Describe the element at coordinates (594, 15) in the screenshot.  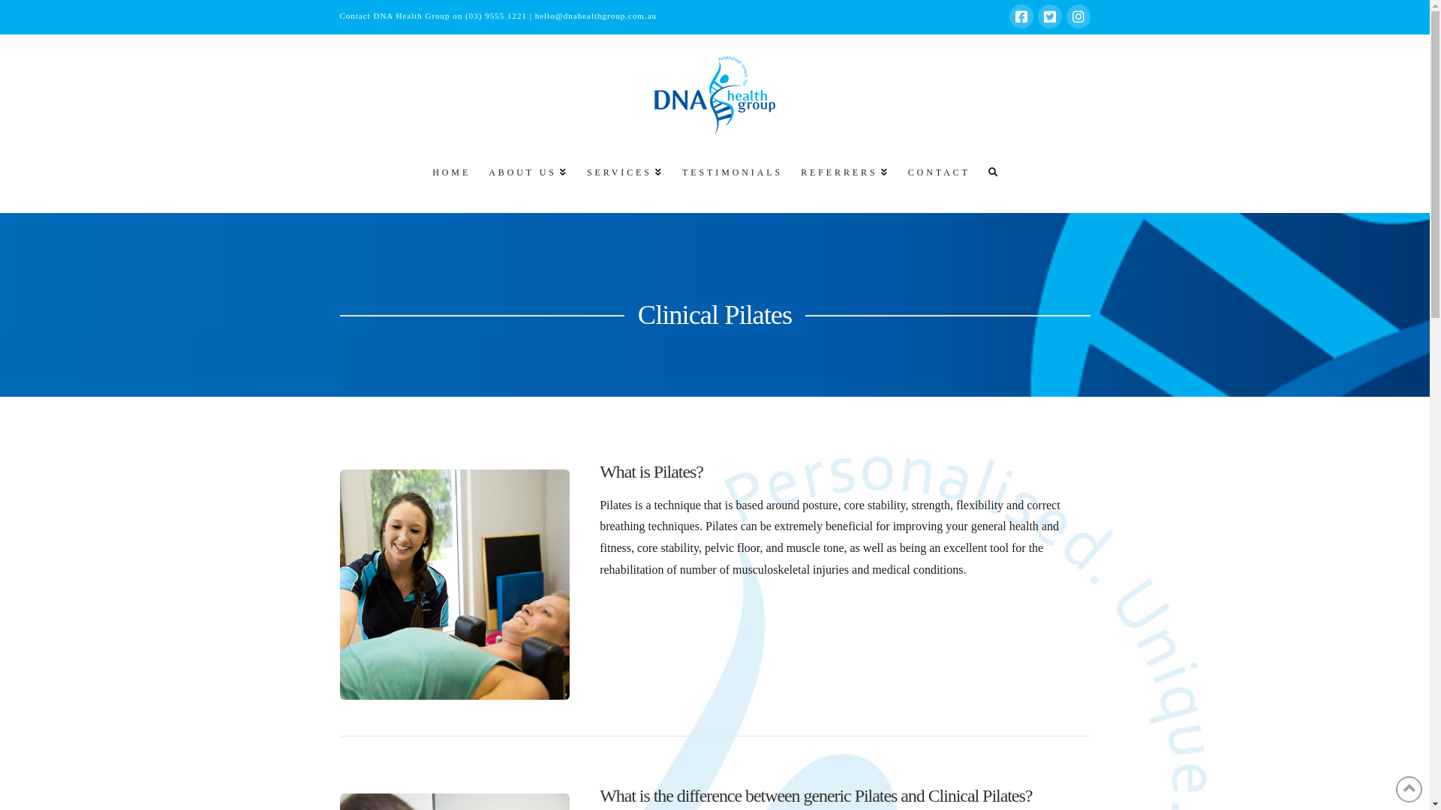
I see `'hello@dnahealthgroup.com.au'` at that location.